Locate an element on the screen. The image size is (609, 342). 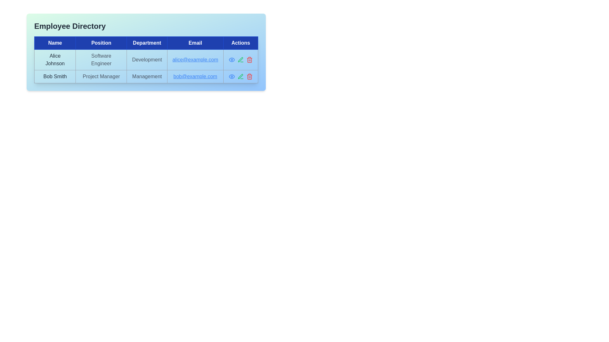
the bold, large-sized text label reading 'Employee Directory' in dark gray font, prominently displayed at the top-left of the interface is located at coordinates (70, 26).